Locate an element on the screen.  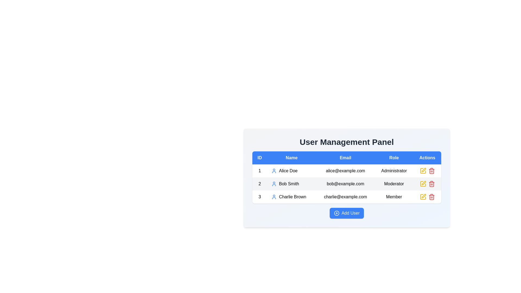
the delete icon button located in the Actions column of the second row of the user listing table is located at coordinates (431, 184).